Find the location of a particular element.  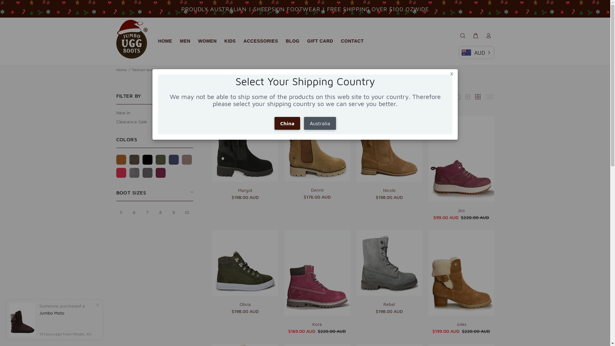

'Navy blue' is located at coordinates (173, 159).